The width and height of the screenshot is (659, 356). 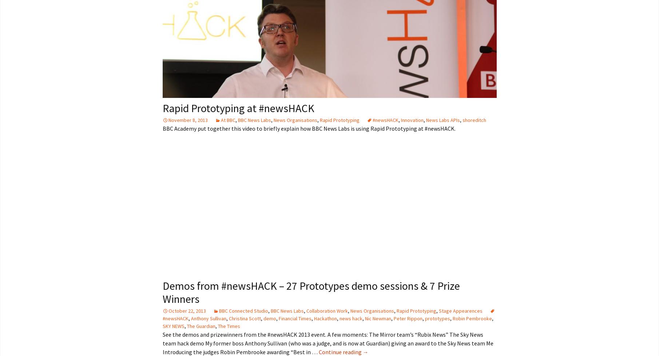 What do you see at coordinates (378, 318) in the screenshot?
I see `'Nic Newman'` at bounding box center [378, 318].